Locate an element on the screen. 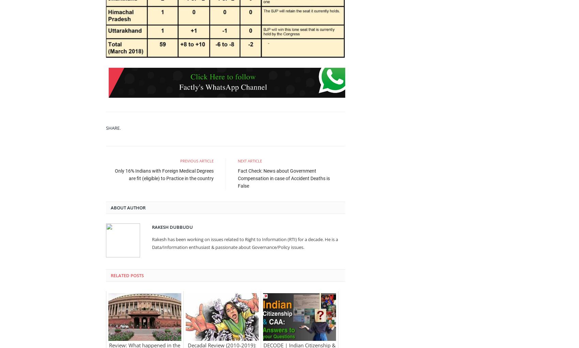  'Share.' is located at coordinates (112, 127).